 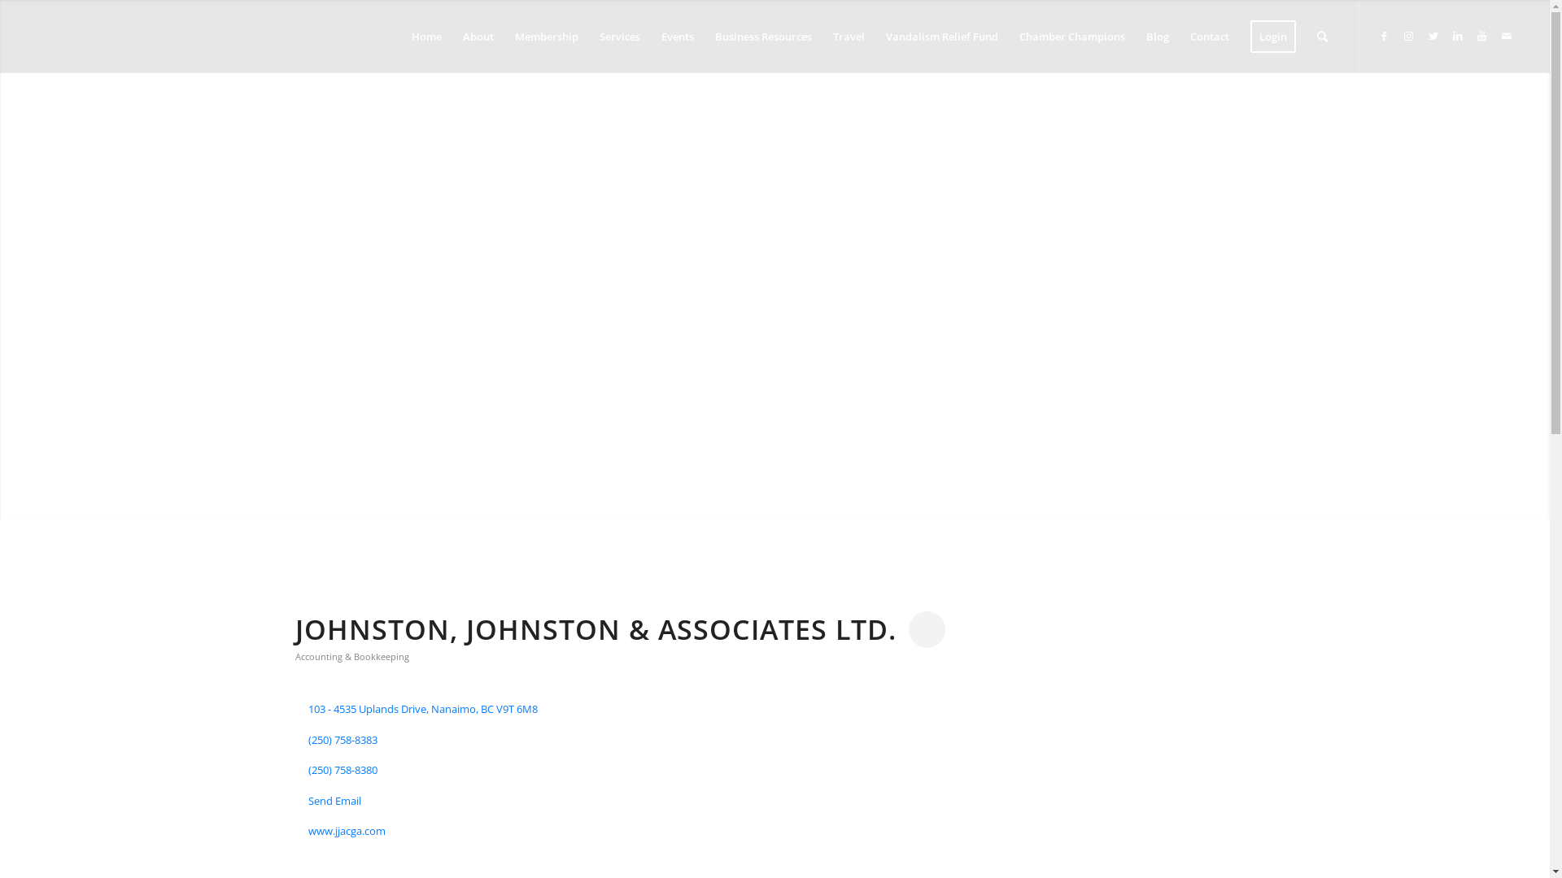 What do you see at coordinates (1408, 35) in the screenshot?
I see `'Instagram'` at bounding box center [1408, 35].